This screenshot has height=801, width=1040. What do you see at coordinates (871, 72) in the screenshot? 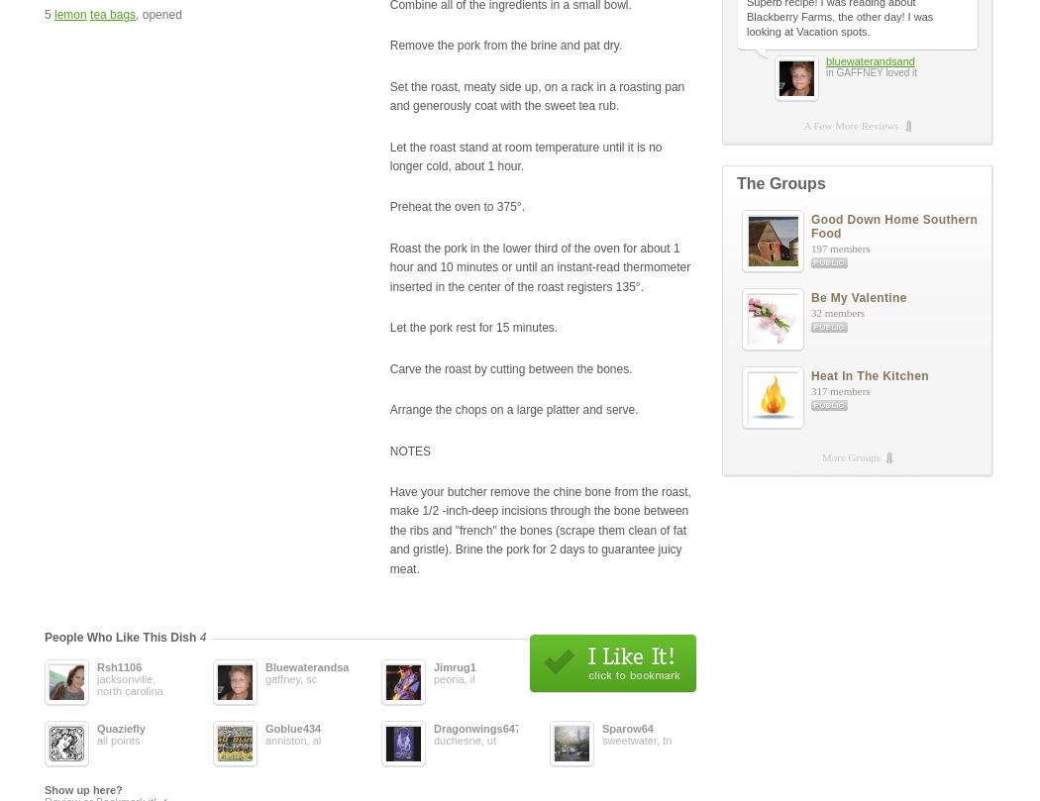
I see `'in GAFFNEY loved it'` at bounding box center [871, 72].